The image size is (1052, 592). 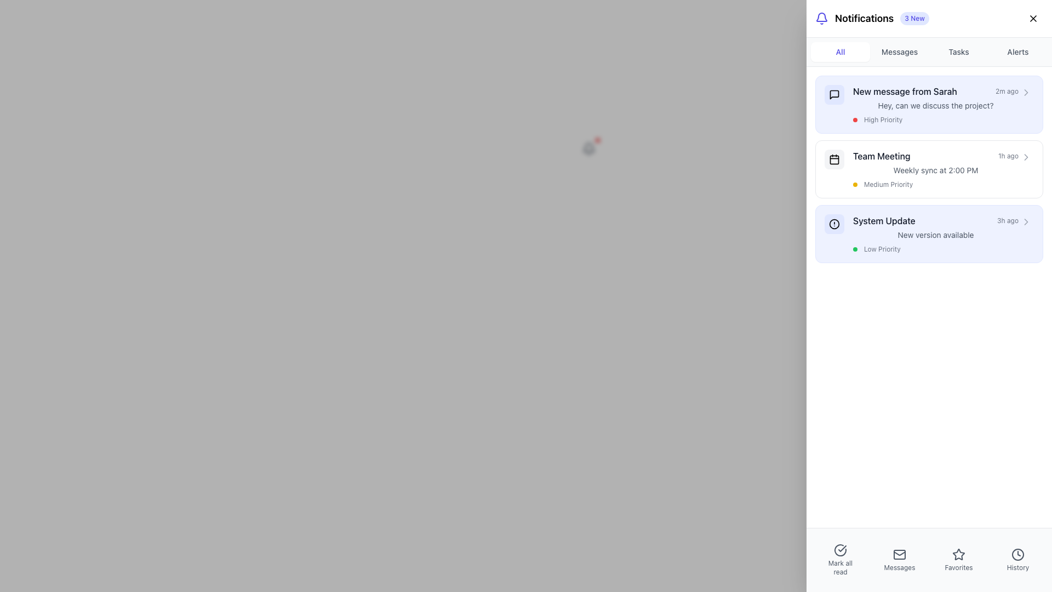 I want to click on the 'Team Meeting' static text label, which is styled in bold dark gray and is part of the notification card in the central section of the notification panel, positioned, so click(x=882, y=156).